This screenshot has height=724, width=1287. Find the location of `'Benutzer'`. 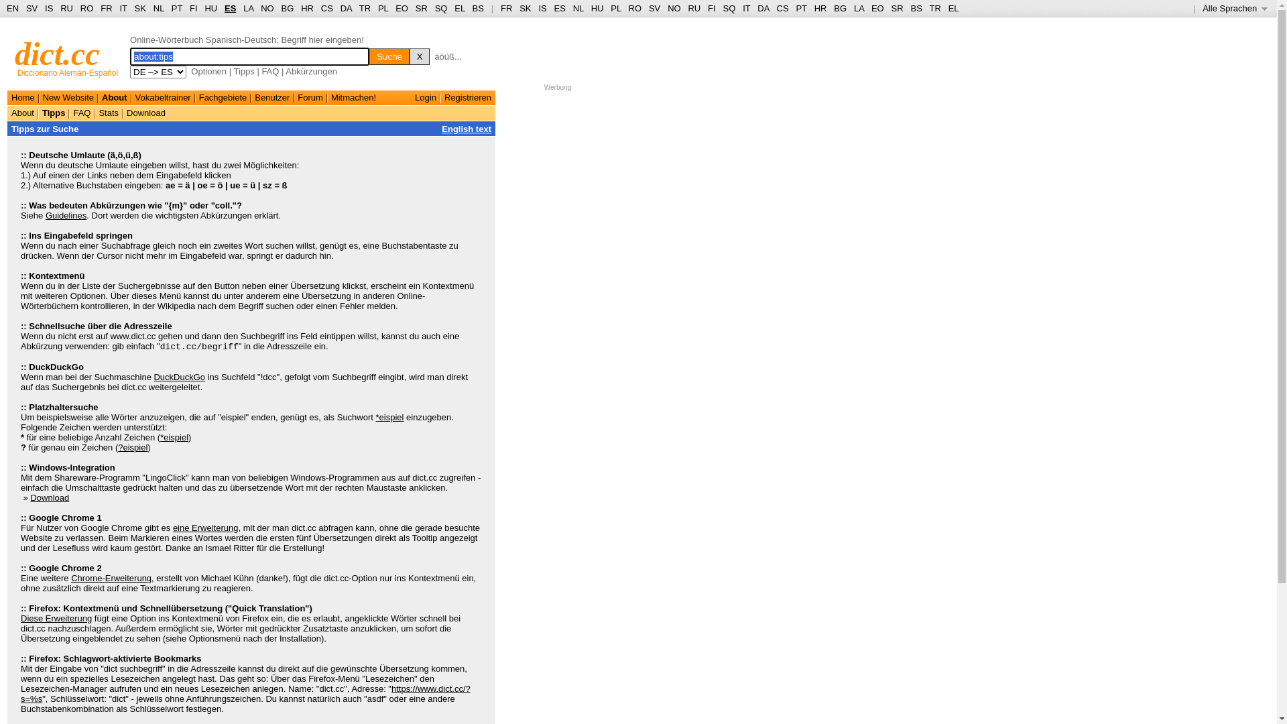

'Benutzer' is located at coordinates (271, 97).